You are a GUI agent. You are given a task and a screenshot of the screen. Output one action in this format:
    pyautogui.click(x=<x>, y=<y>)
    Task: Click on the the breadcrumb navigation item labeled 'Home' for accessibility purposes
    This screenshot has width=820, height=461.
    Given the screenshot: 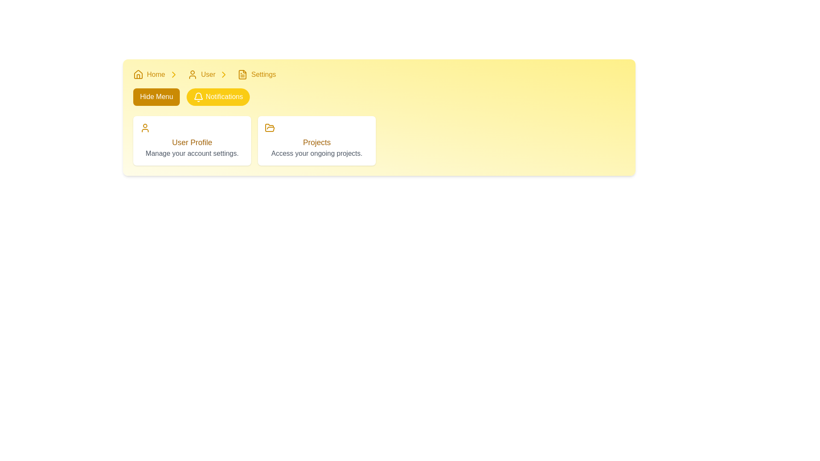 What is the action you would take?
    pyautogui.click(x=158, y=74)
    